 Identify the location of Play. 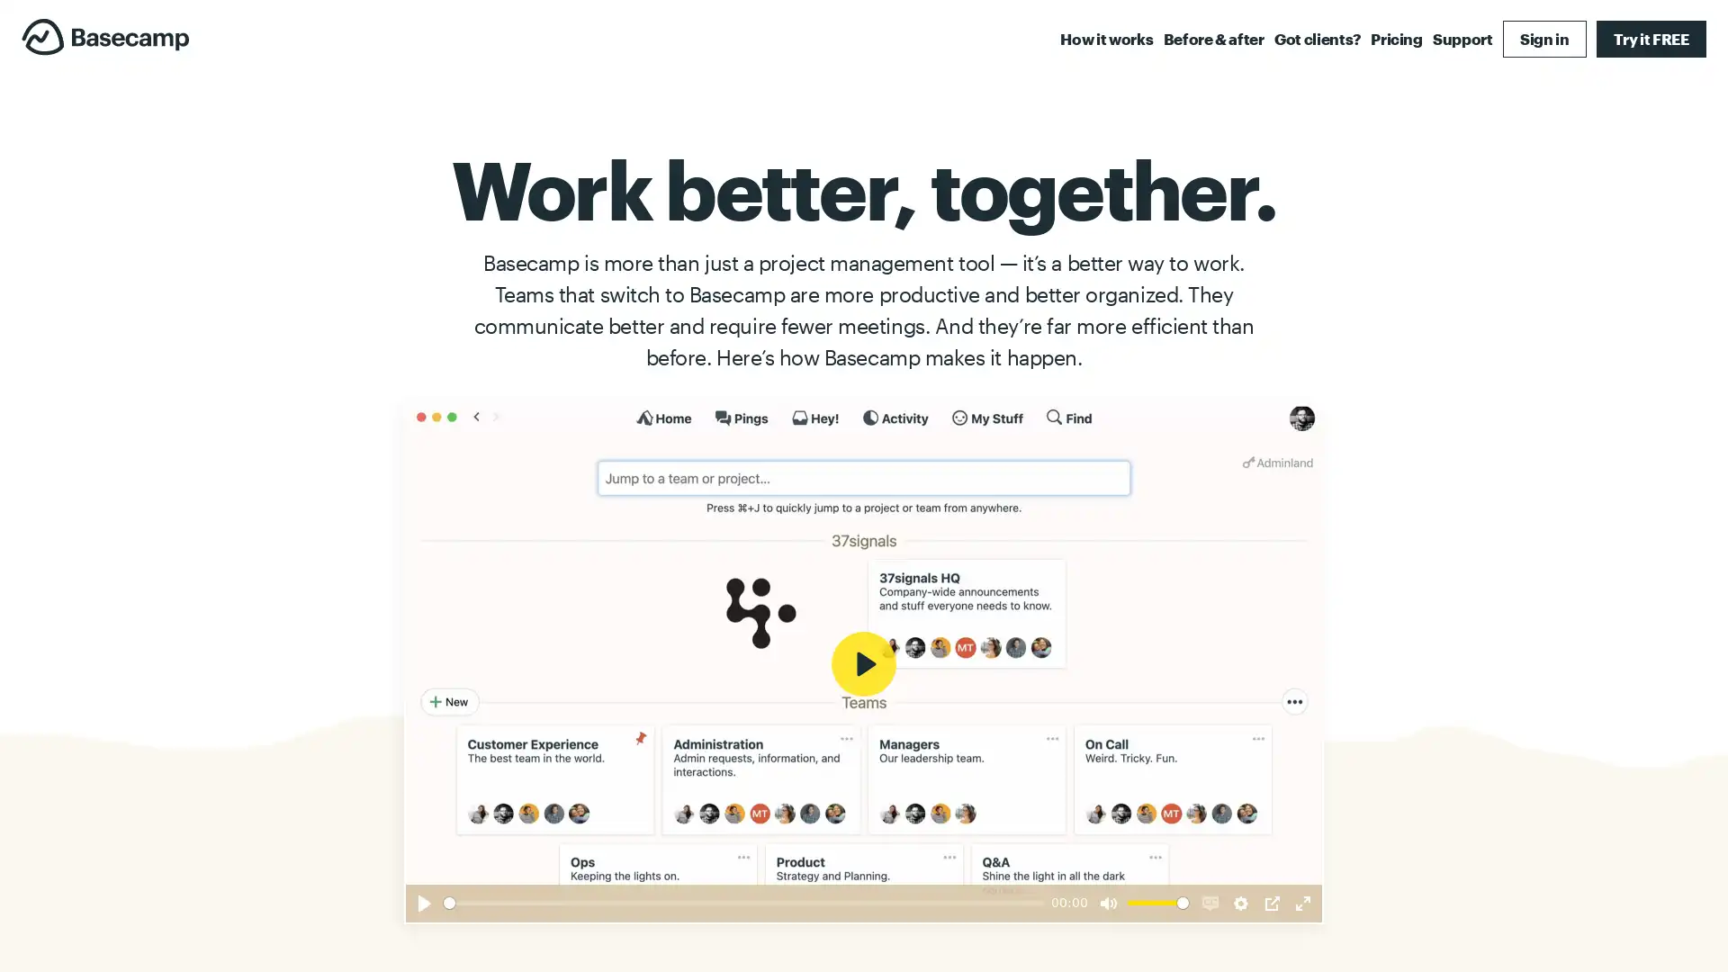
(864, 663).